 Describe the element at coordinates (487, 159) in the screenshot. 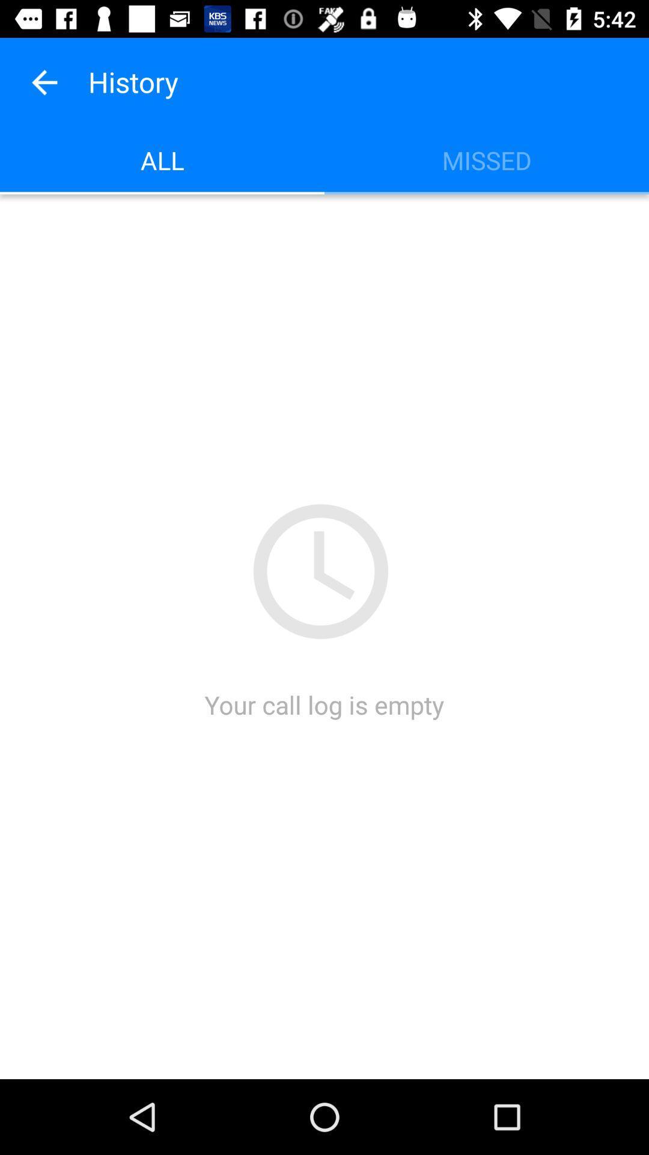

I see `the icon at the top right corner` at that location.